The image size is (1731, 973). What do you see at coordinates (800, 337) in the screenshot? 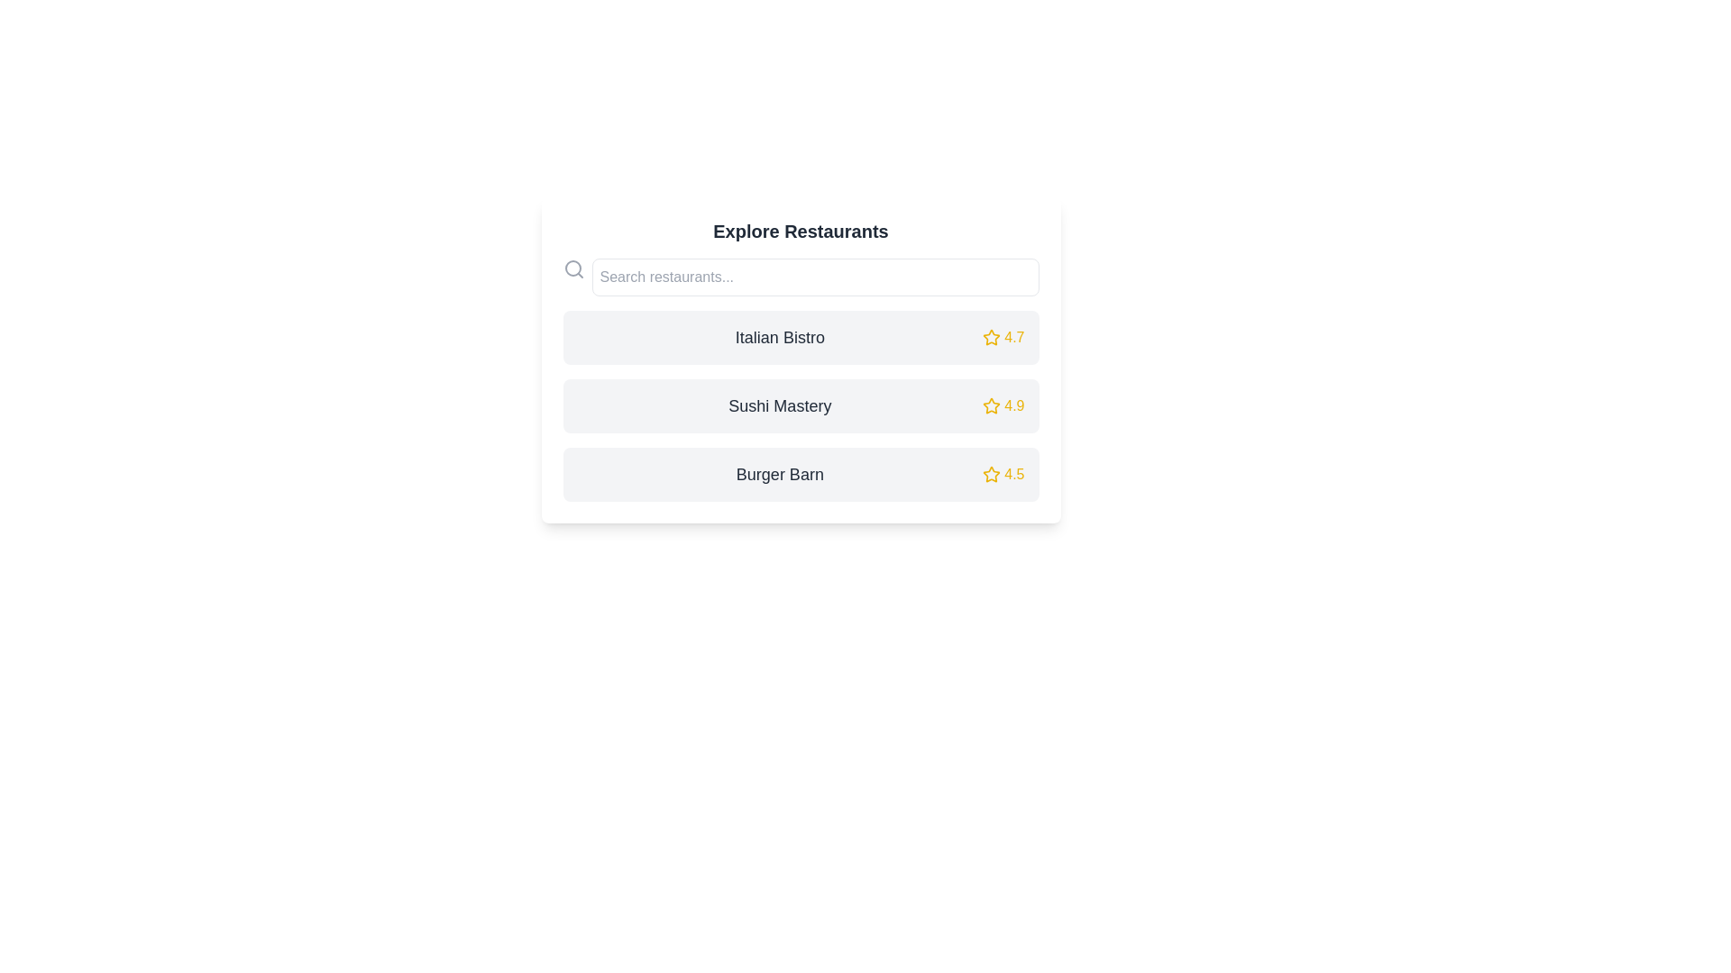
I see `the first item in the restaurant exploration list, which represents the 'Italian Bistro' restaurant` at bounding box center [800, 337].